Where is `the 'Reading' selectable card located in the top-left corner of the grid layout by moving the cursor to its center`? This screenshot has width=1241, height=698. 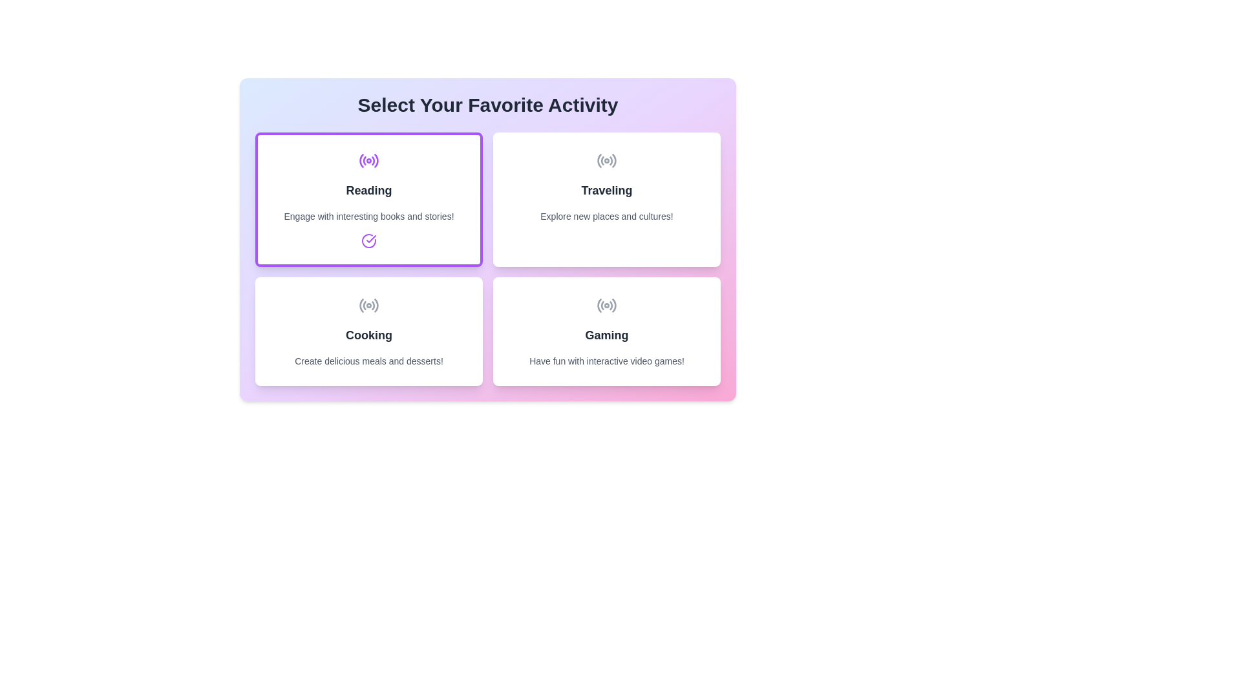 the 'Reading' selectable card located in the top-left corner of the grid layout by moving the cursor to its center is located at coordinates (368, 199).